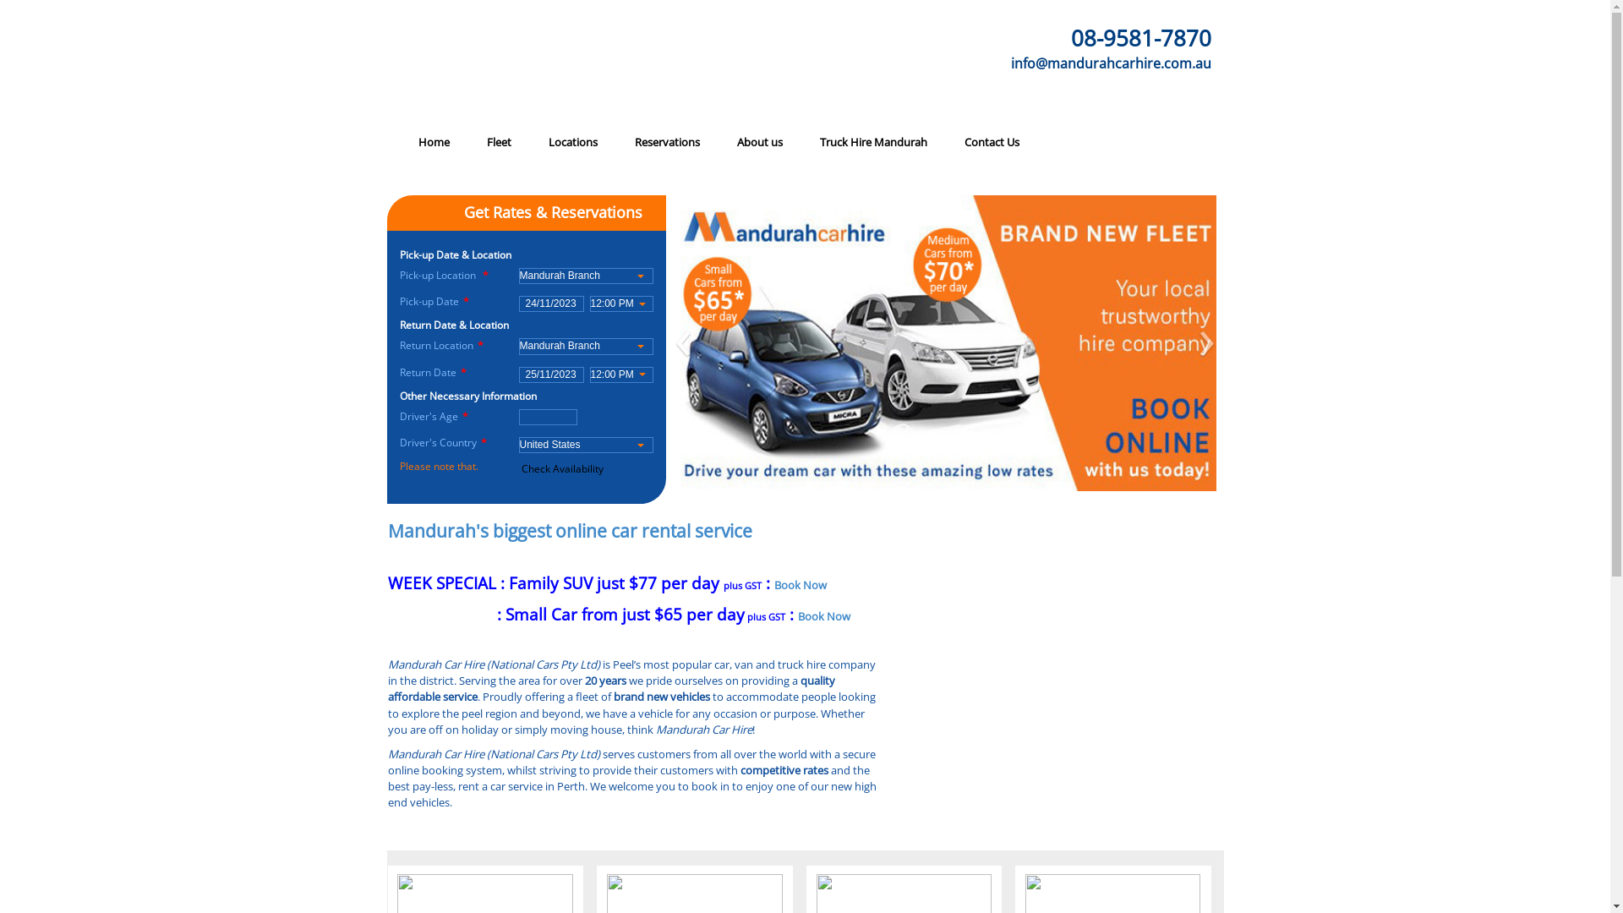 The image size is (1623, 913). Describe the element at coordinates (498, 141) in the screenshot. I see `'Fleet'` at that location.